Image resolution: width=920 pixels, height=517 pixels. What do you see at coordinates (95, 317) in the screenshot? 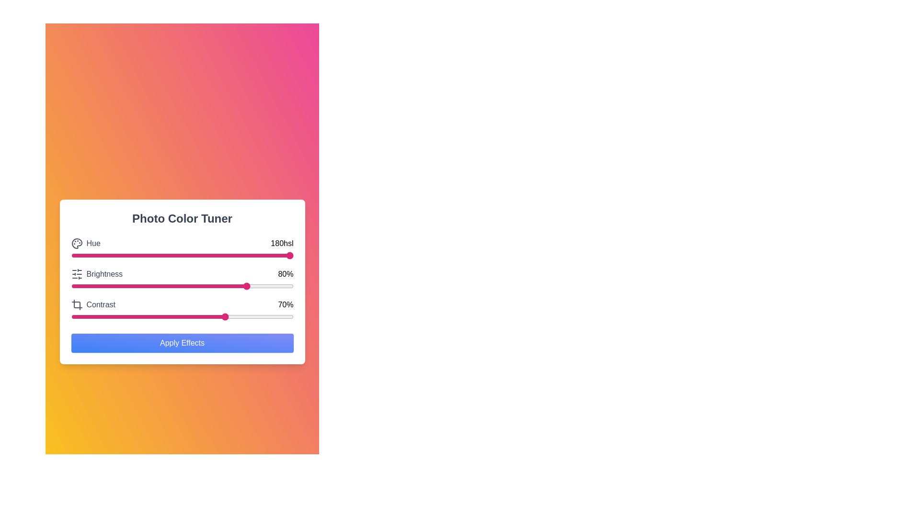
I see `the contrast slider to 11%` at bounding box center [95, 317].